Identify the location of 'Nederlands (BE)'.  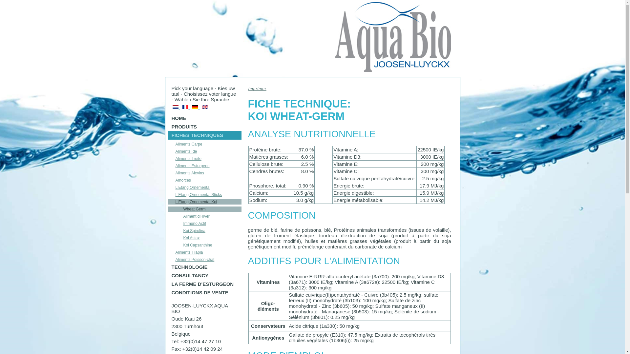
(175, 107).